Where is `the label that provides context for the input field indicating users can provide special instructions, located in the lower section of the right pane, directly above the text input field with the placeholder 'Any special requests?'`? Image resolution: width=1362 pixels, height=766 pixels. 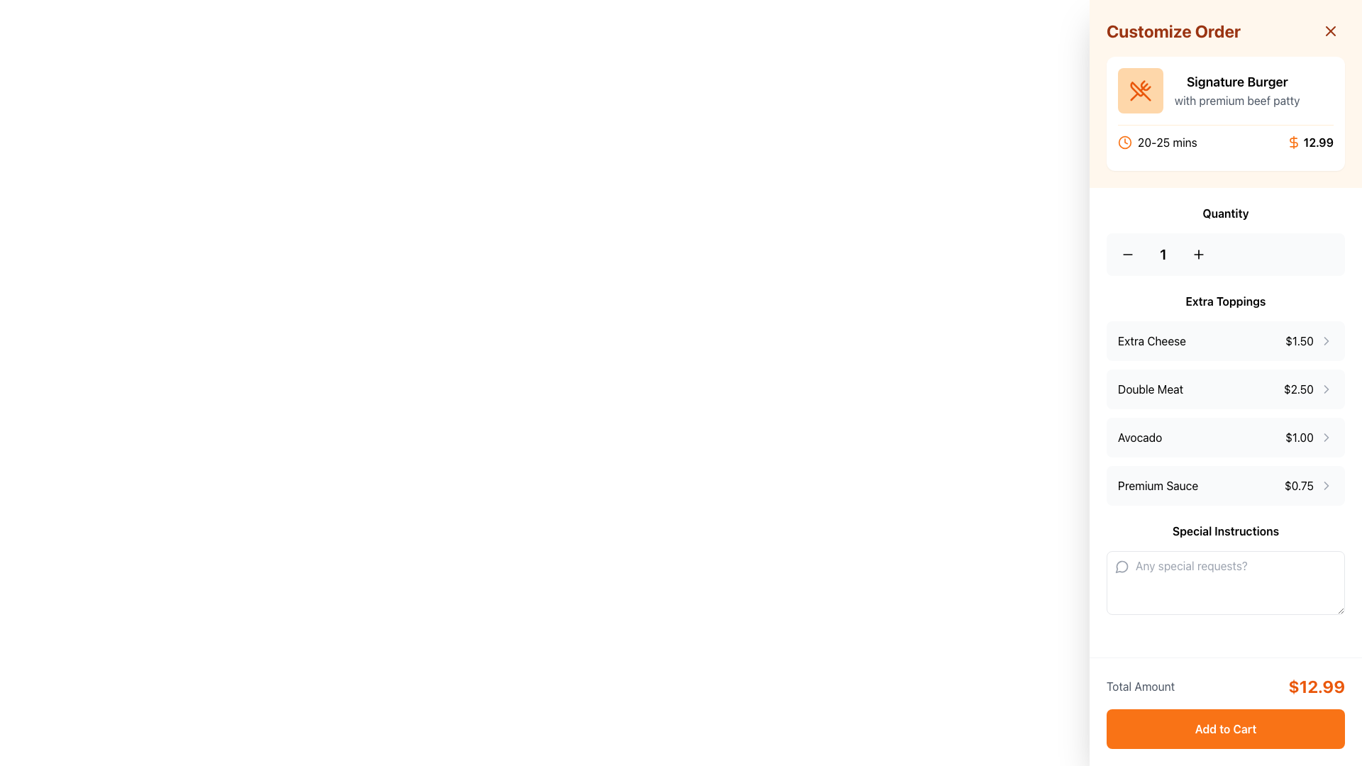 the label that provides context for the input field indicating users can provide special instructions, located in the lower section of the right pane, directly above the text input field with the placeholder 'Any special requests?' is located at coordinates (1225, 531).